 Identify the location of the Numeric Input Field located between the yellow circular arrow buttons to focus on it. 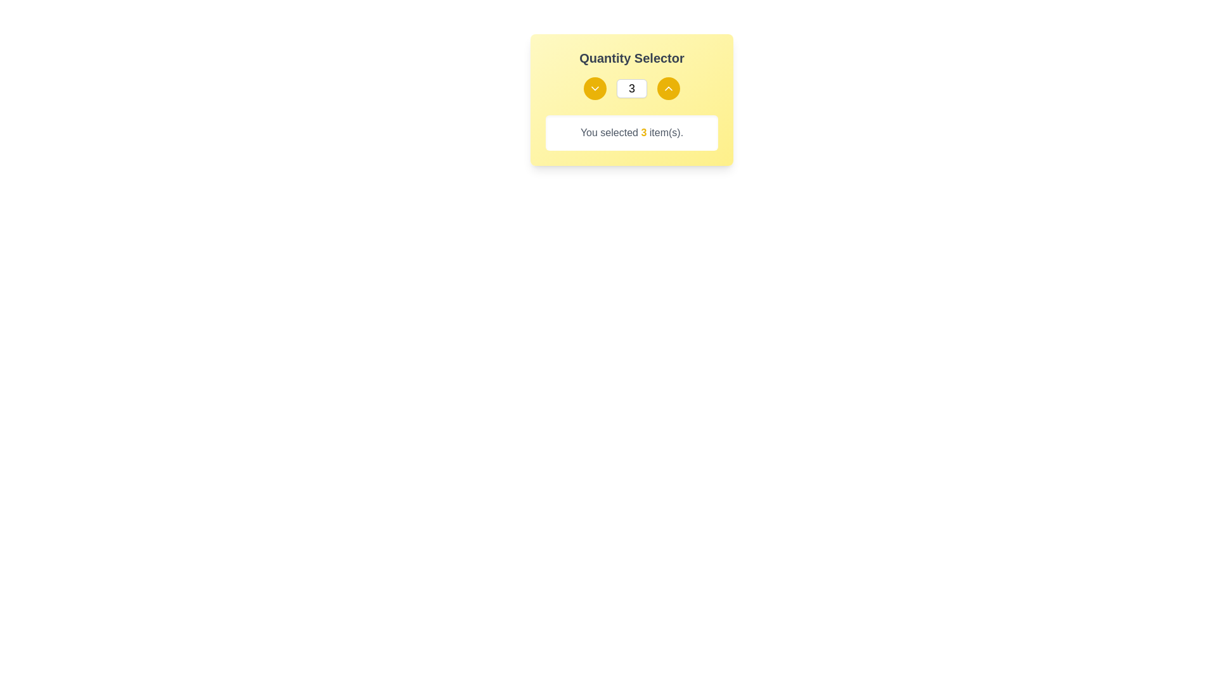
(632, 87).